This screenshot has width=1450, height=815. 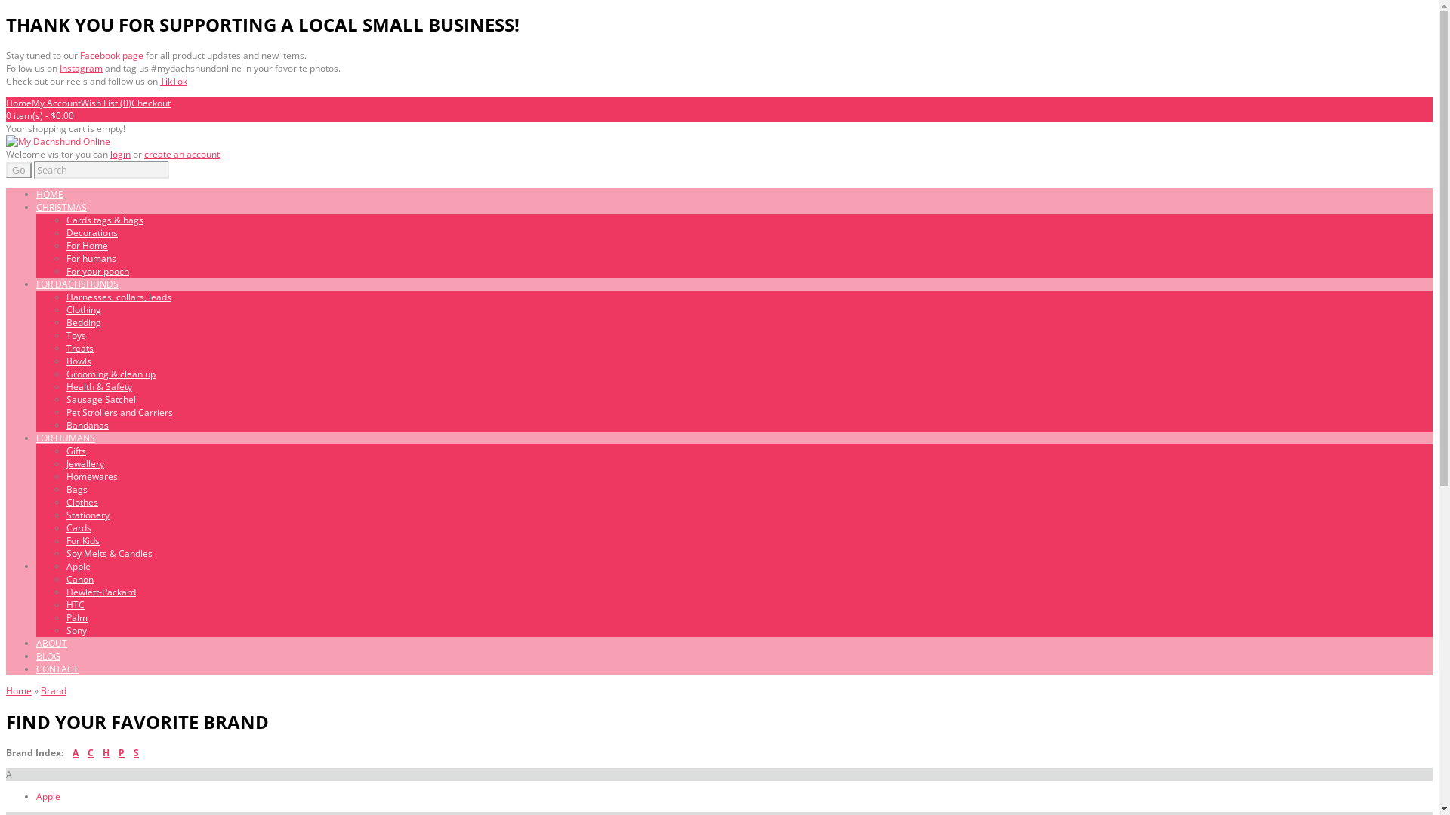 What do you see at coordinates (108, 553) in the screenshot?
I see `'Soy Melts & Candles'` at bounding box center [108, 553].